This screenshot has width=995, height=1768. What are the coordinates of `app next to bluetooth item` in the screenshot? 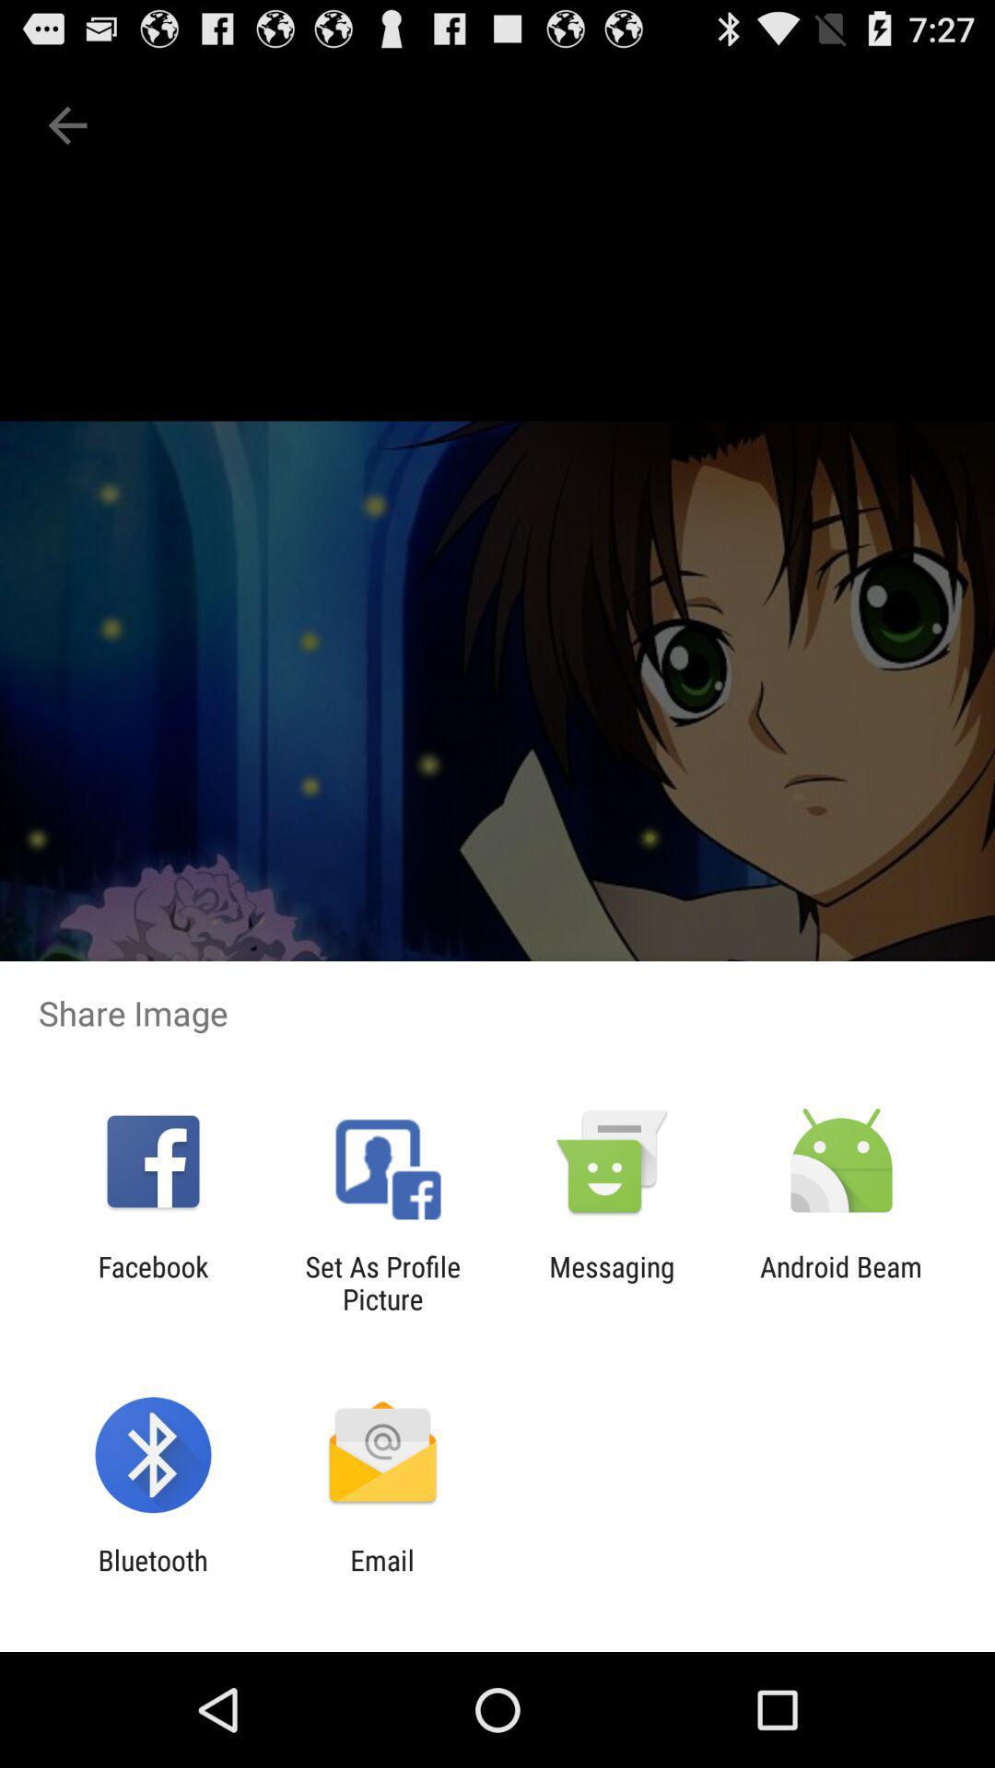 It's located at (381, 1576).